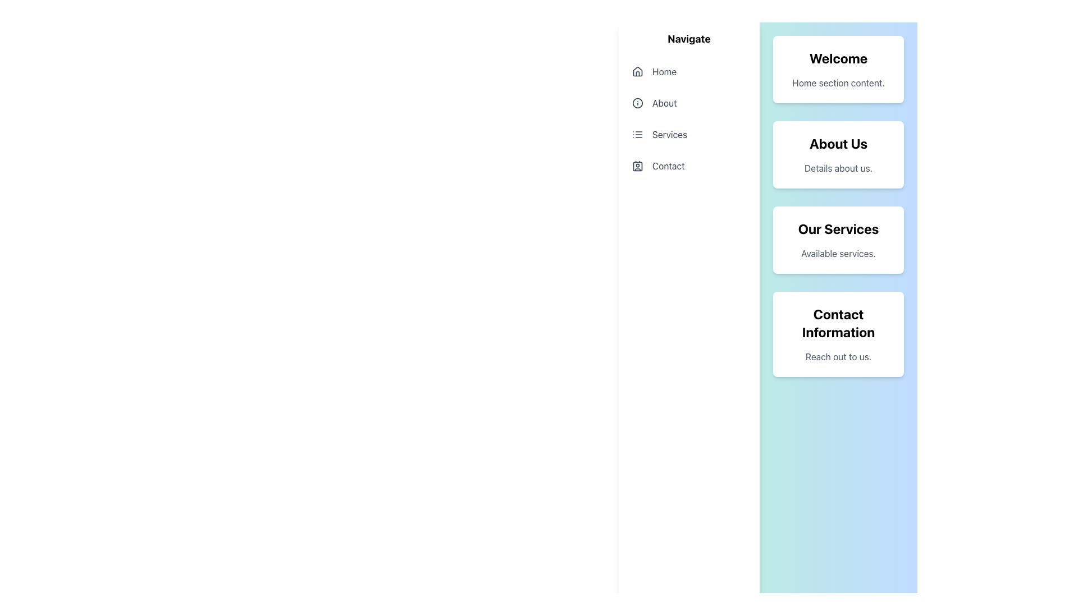 The height and width of the screenshot is (606, 1078). Describe the element at coordinates (838, 334) in the screenshot. I see `the fourth informational card in the vertical list that provides contact information, located in the right-hand section of the layout` at that location.